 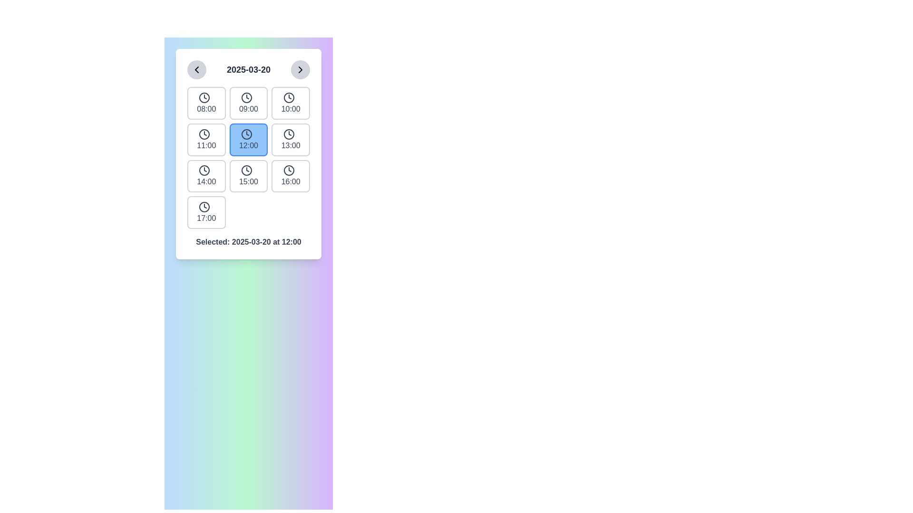 I want to click on the Decorative clock icon (SVG) located inside the '09:00' button entry, which visually represents a clock alongside the time, so click(x=246, y=97).